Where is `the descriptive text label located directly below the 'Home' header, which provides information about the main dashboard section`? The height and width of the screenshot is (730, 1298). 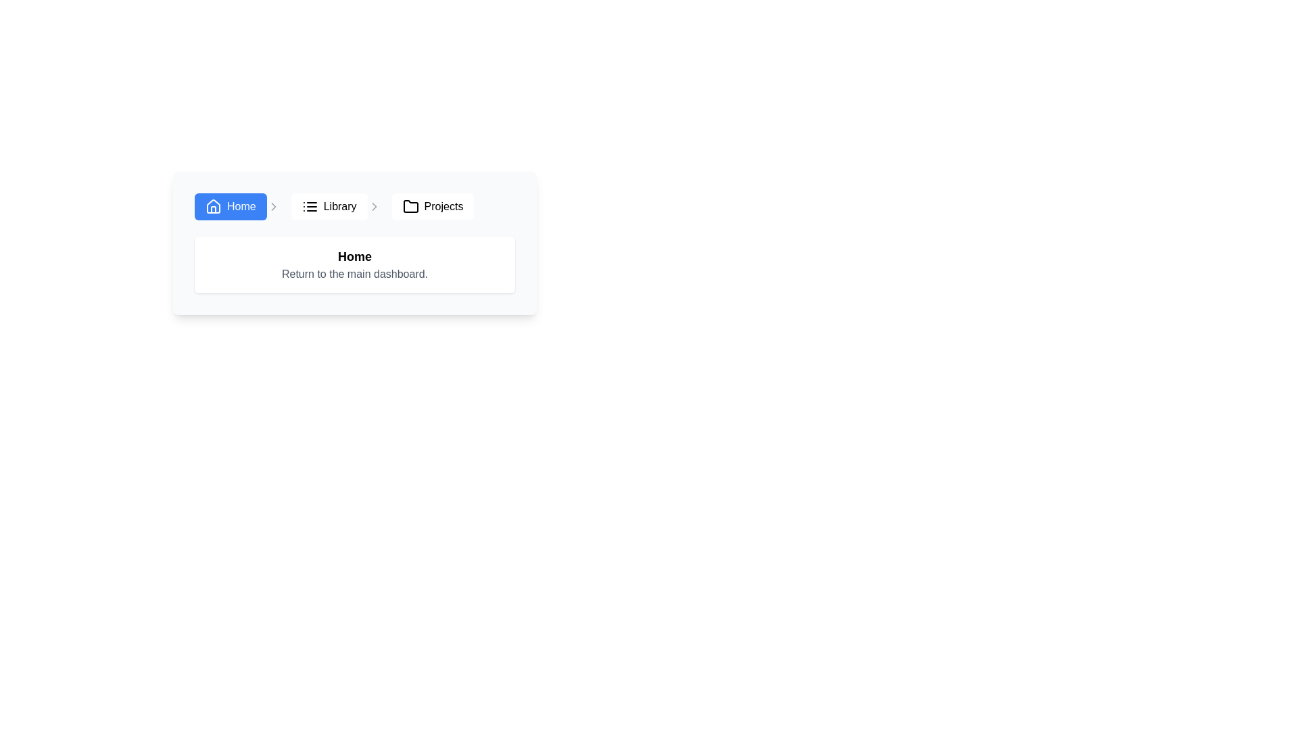
the descriptive text label located directly below the 'Home' header, which provides information about the main dashboard section is located at coordinates (354, 274).